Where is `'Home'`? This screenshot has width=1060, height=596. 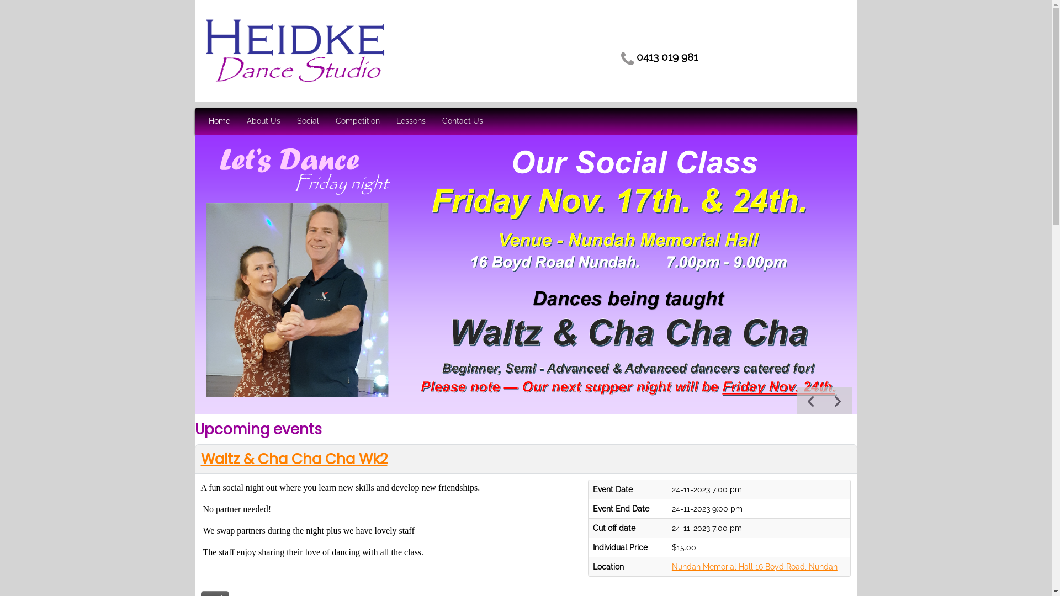
'Home' is located at coordinates (219, 121).